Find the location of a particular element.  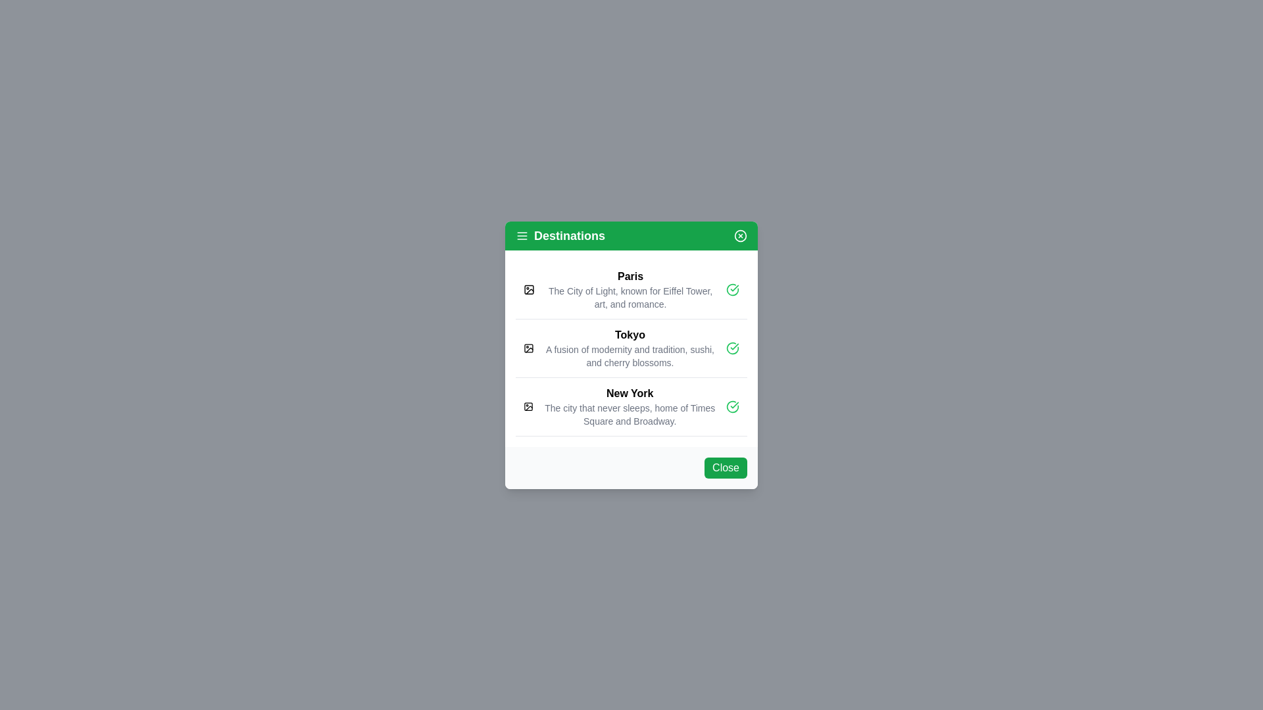

the bold text label displaying 'Tokyo', which is the second entry in the list of destinations within the green-titled modal labeled 'Destinations' is located at coordinates (629, 334).